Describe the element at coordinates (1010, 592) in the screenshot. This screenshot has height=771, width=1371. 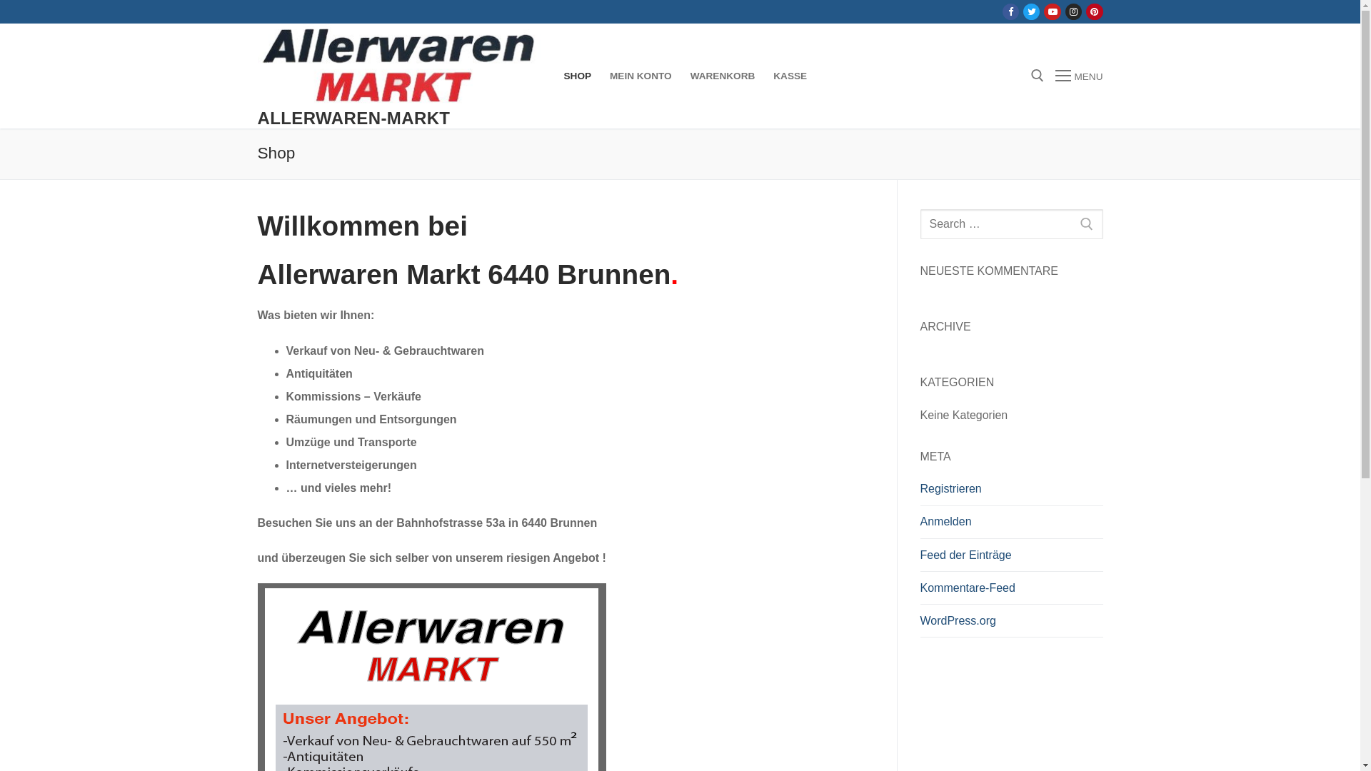
I see `'Kommentare-Feed'` at that location.